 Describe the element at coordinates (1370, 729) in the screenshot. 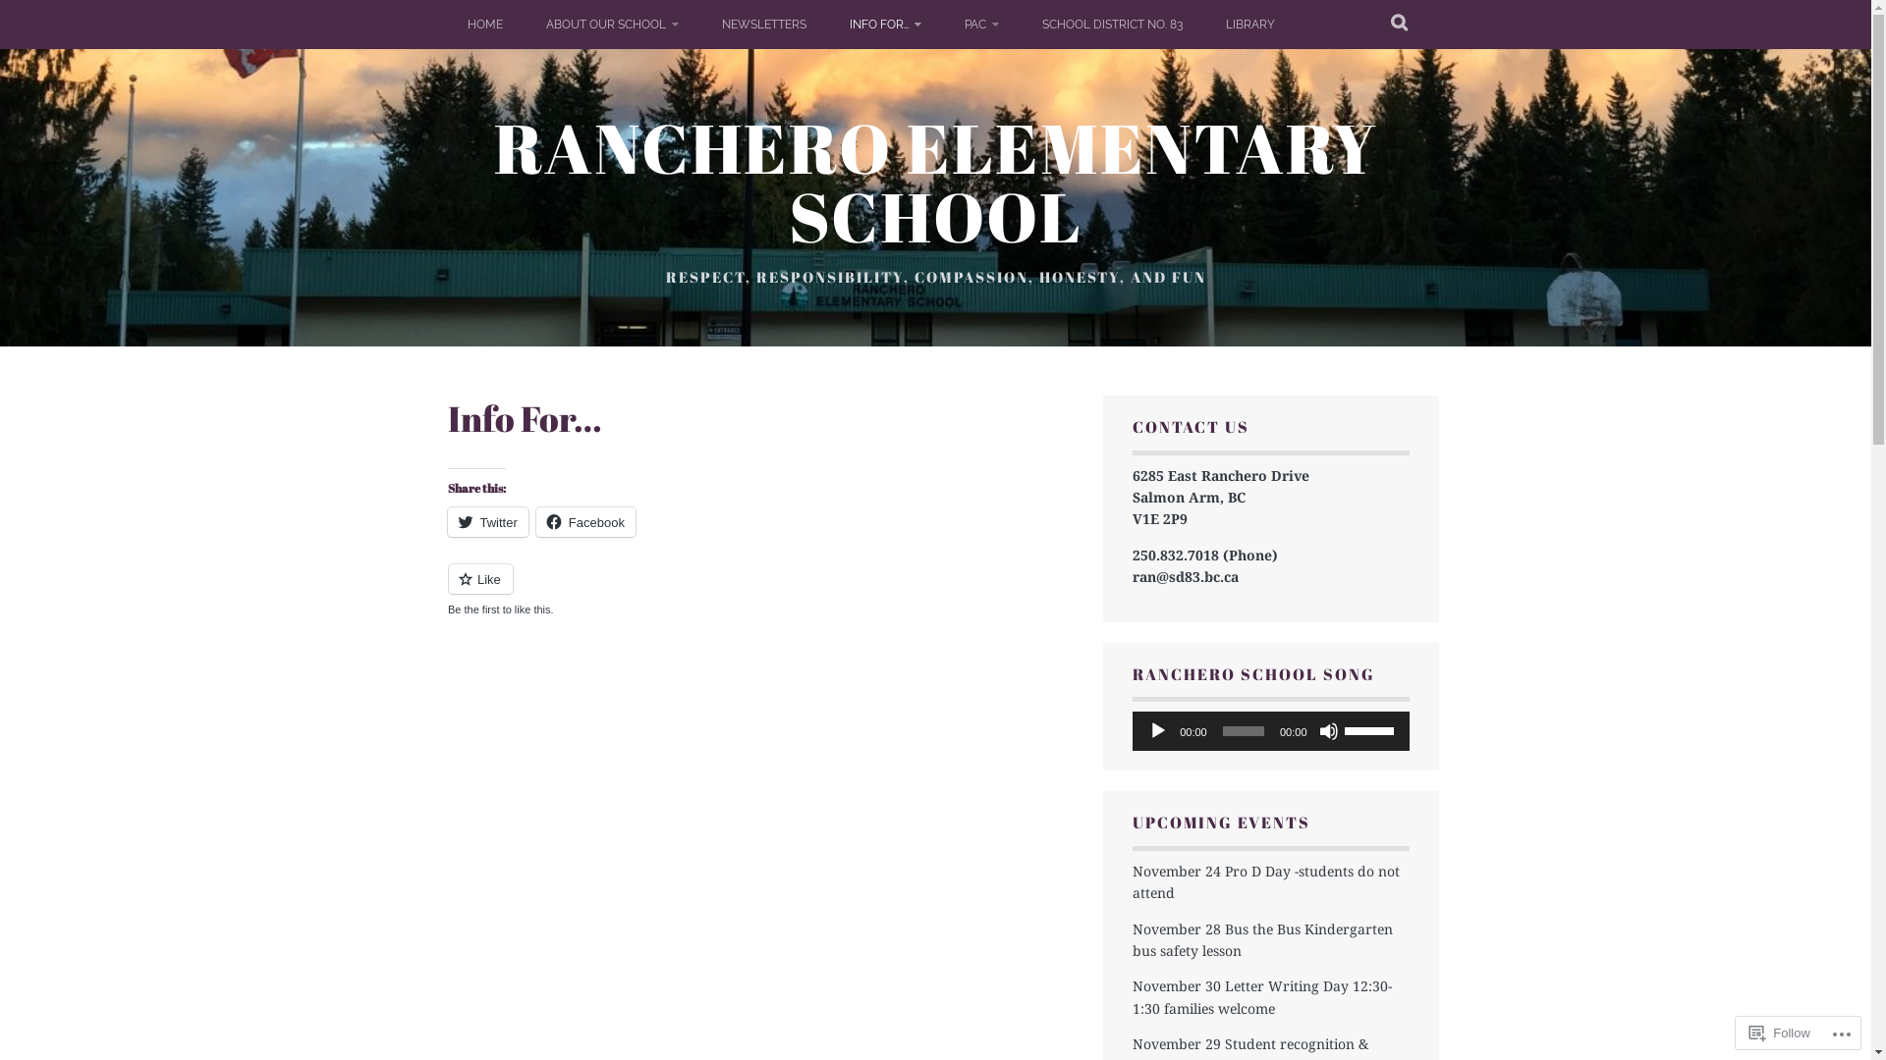

I see `'Use Up/Down Arrow keys to increase or decrease volume.'` at that location.